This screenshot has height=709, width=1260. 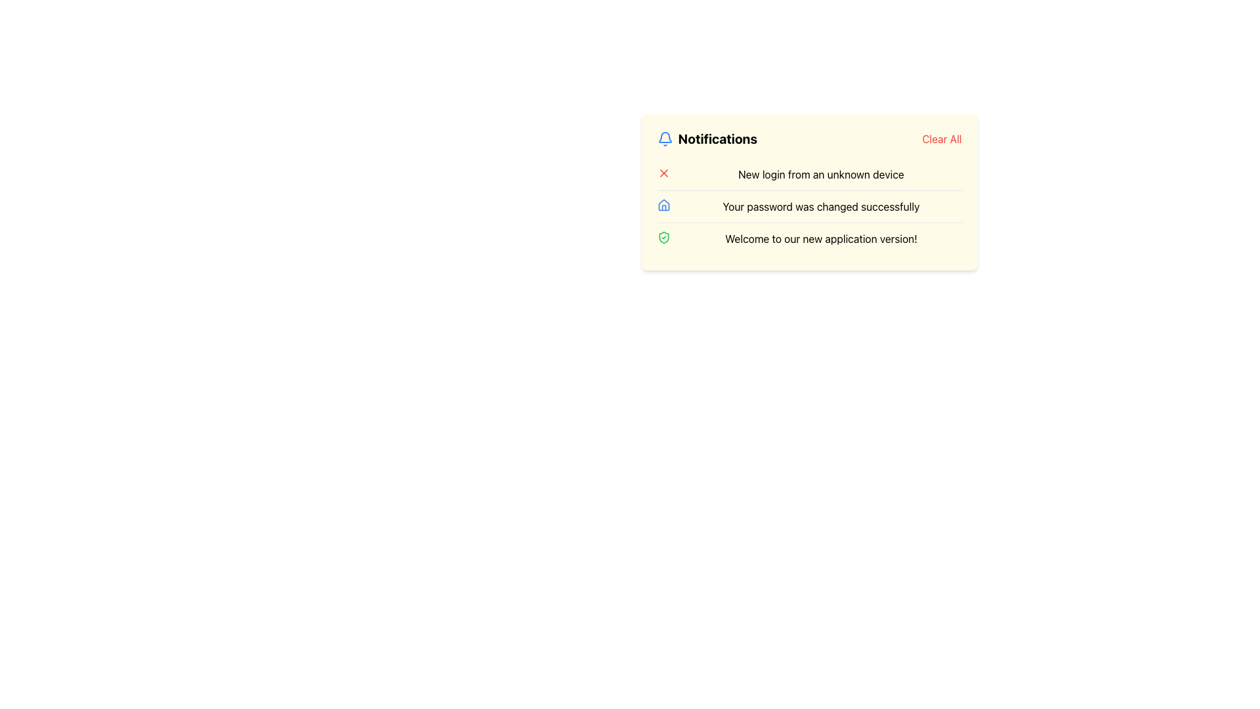 I want to click on the green shield icon with a checkmark, which indicates a success or security status, located in the notification list next to the text 'Welcome to our new application version!', so click(x=663, y=238).